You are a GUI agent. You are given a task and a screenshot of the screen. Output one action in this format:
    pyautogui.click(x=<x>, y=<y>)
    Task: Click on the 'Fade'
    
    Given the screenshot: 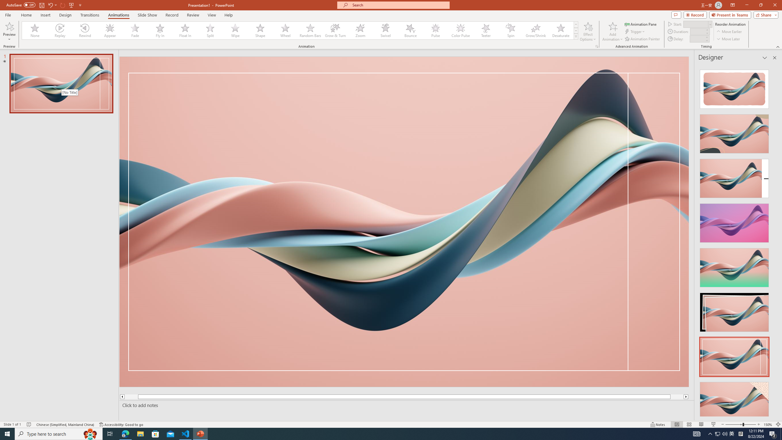 What is the action you would take?
    pyautogui.click(x=135, y=30)
    